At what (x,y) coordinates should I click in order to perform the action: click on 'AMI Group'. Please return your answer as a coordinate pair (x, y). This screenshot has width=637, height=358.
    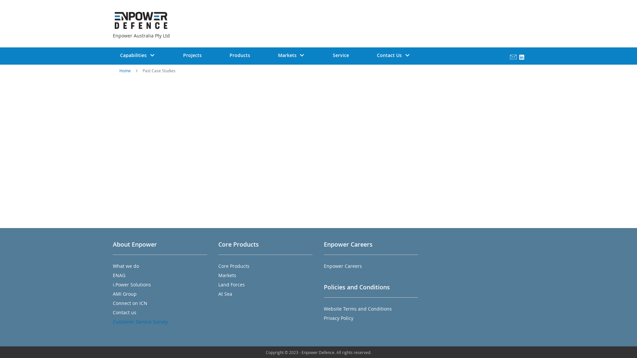
    Looking at the image, I should click on (113, 293).